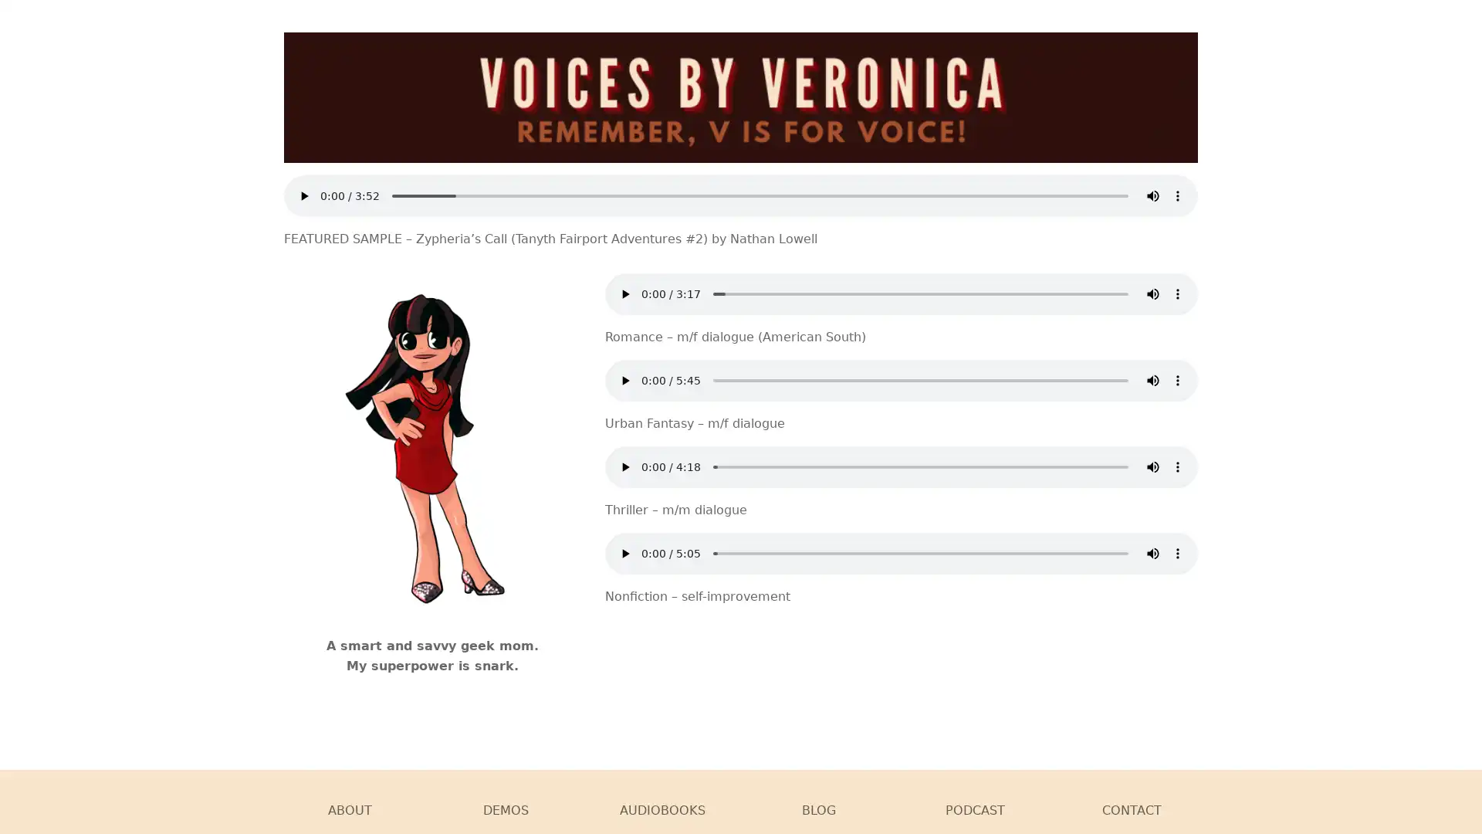 The width and height of the screenshot is (1482, 834). I want to click on play, so click(625, 553).